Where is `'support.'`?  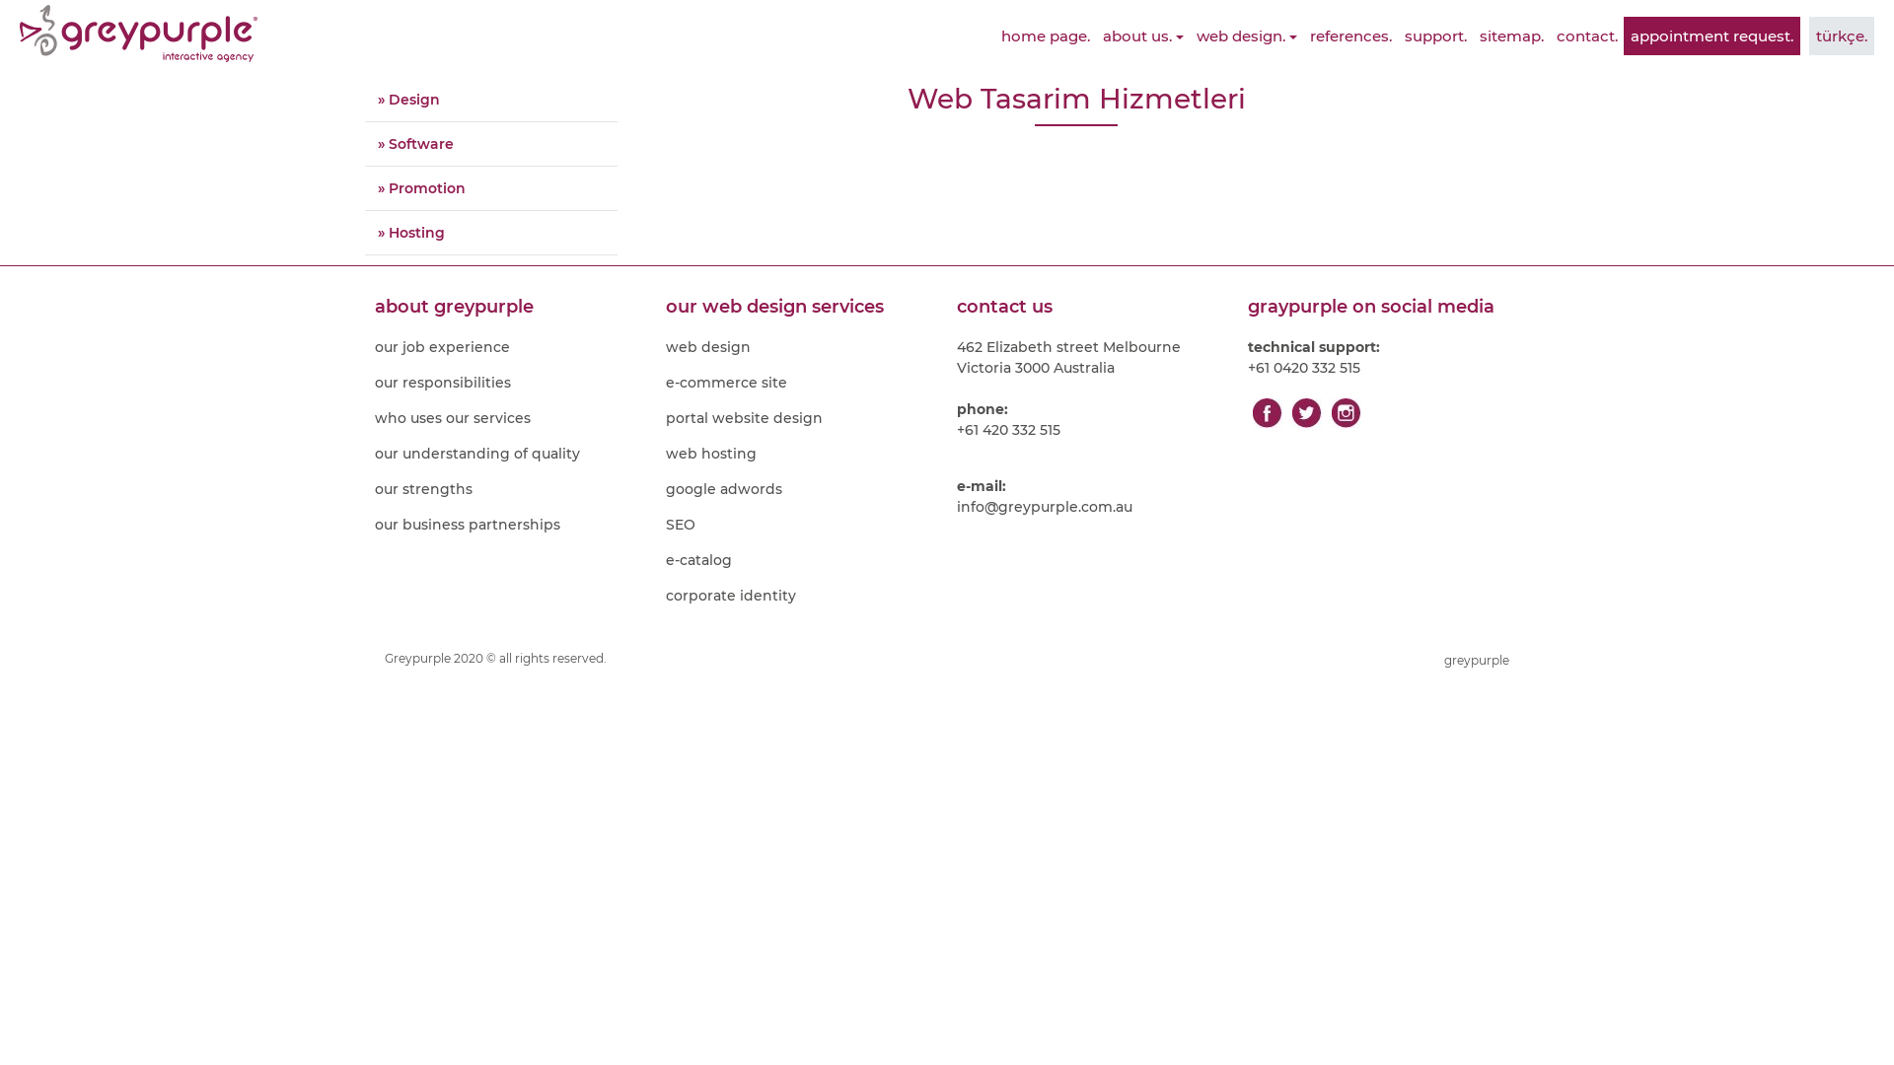
'support.' is located at coordinates (1435, 35).